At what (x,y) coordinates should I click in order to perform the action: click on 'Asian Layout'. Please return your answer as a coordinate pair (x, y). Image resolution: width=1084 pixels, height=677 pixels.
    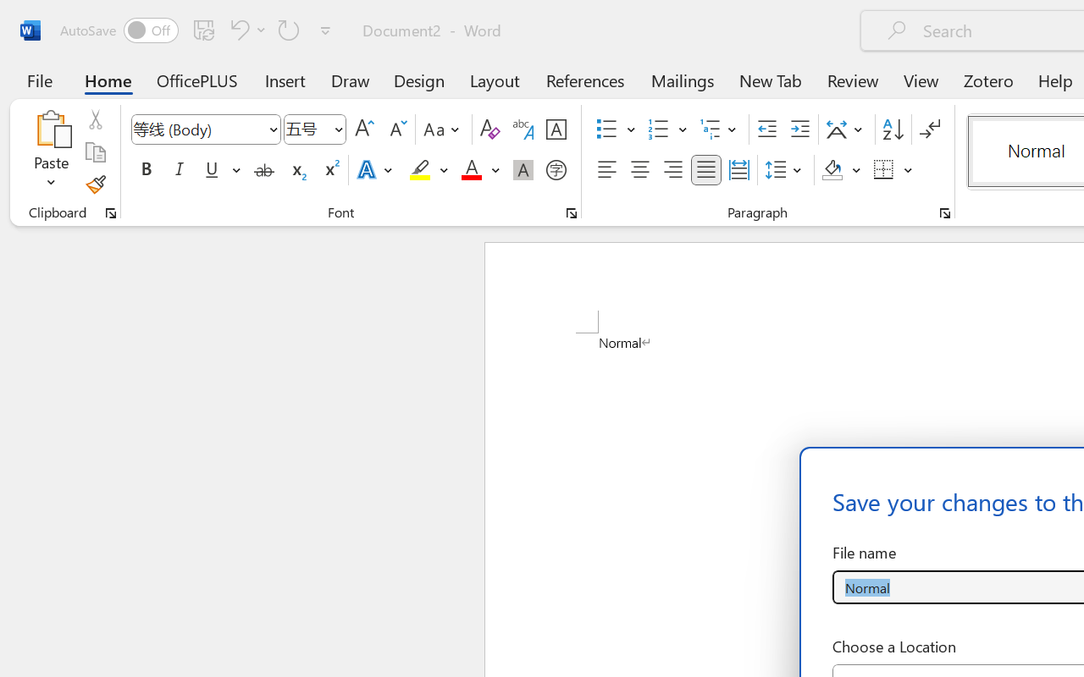
    Looking at the image, I should click on (847, 129).